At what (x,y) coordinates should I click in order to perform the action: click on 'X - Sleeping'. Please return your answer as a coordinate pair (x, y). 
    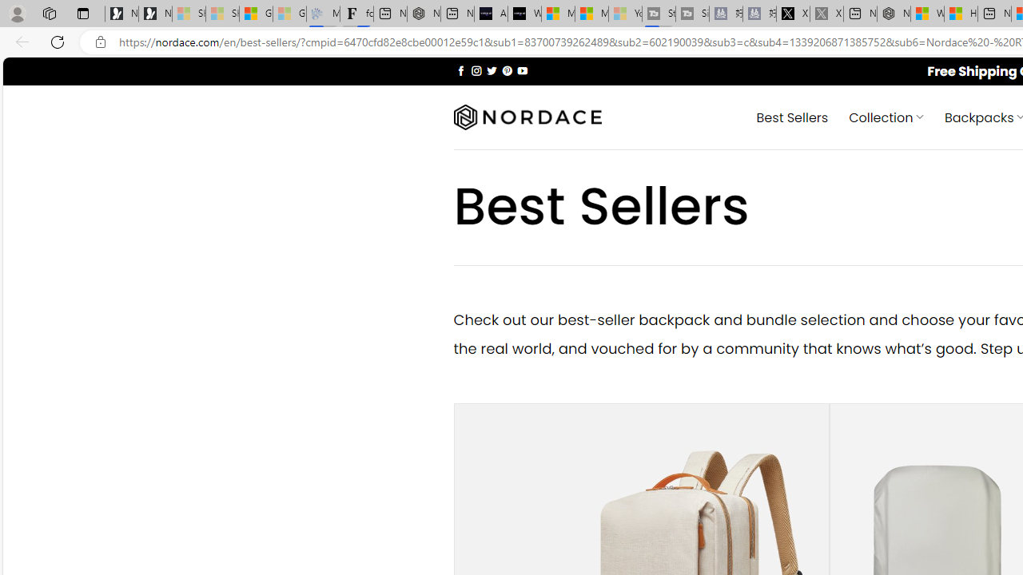
    Looking at the image, I should click on (826, 14).